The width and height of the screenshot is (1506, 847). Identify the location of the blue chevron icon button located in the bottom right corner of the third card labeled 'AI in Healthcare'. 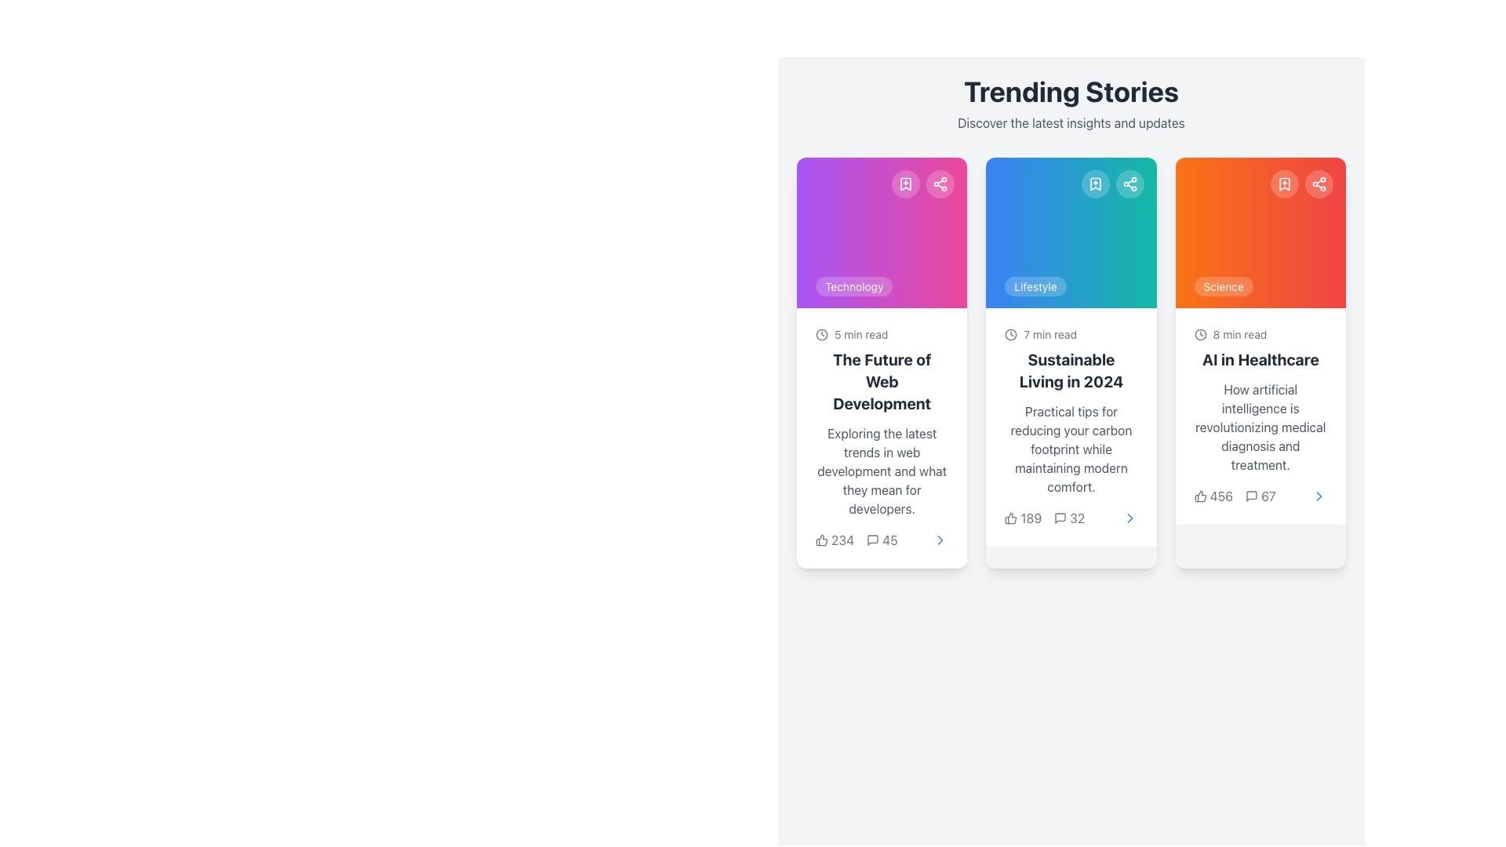
(1318, 496).